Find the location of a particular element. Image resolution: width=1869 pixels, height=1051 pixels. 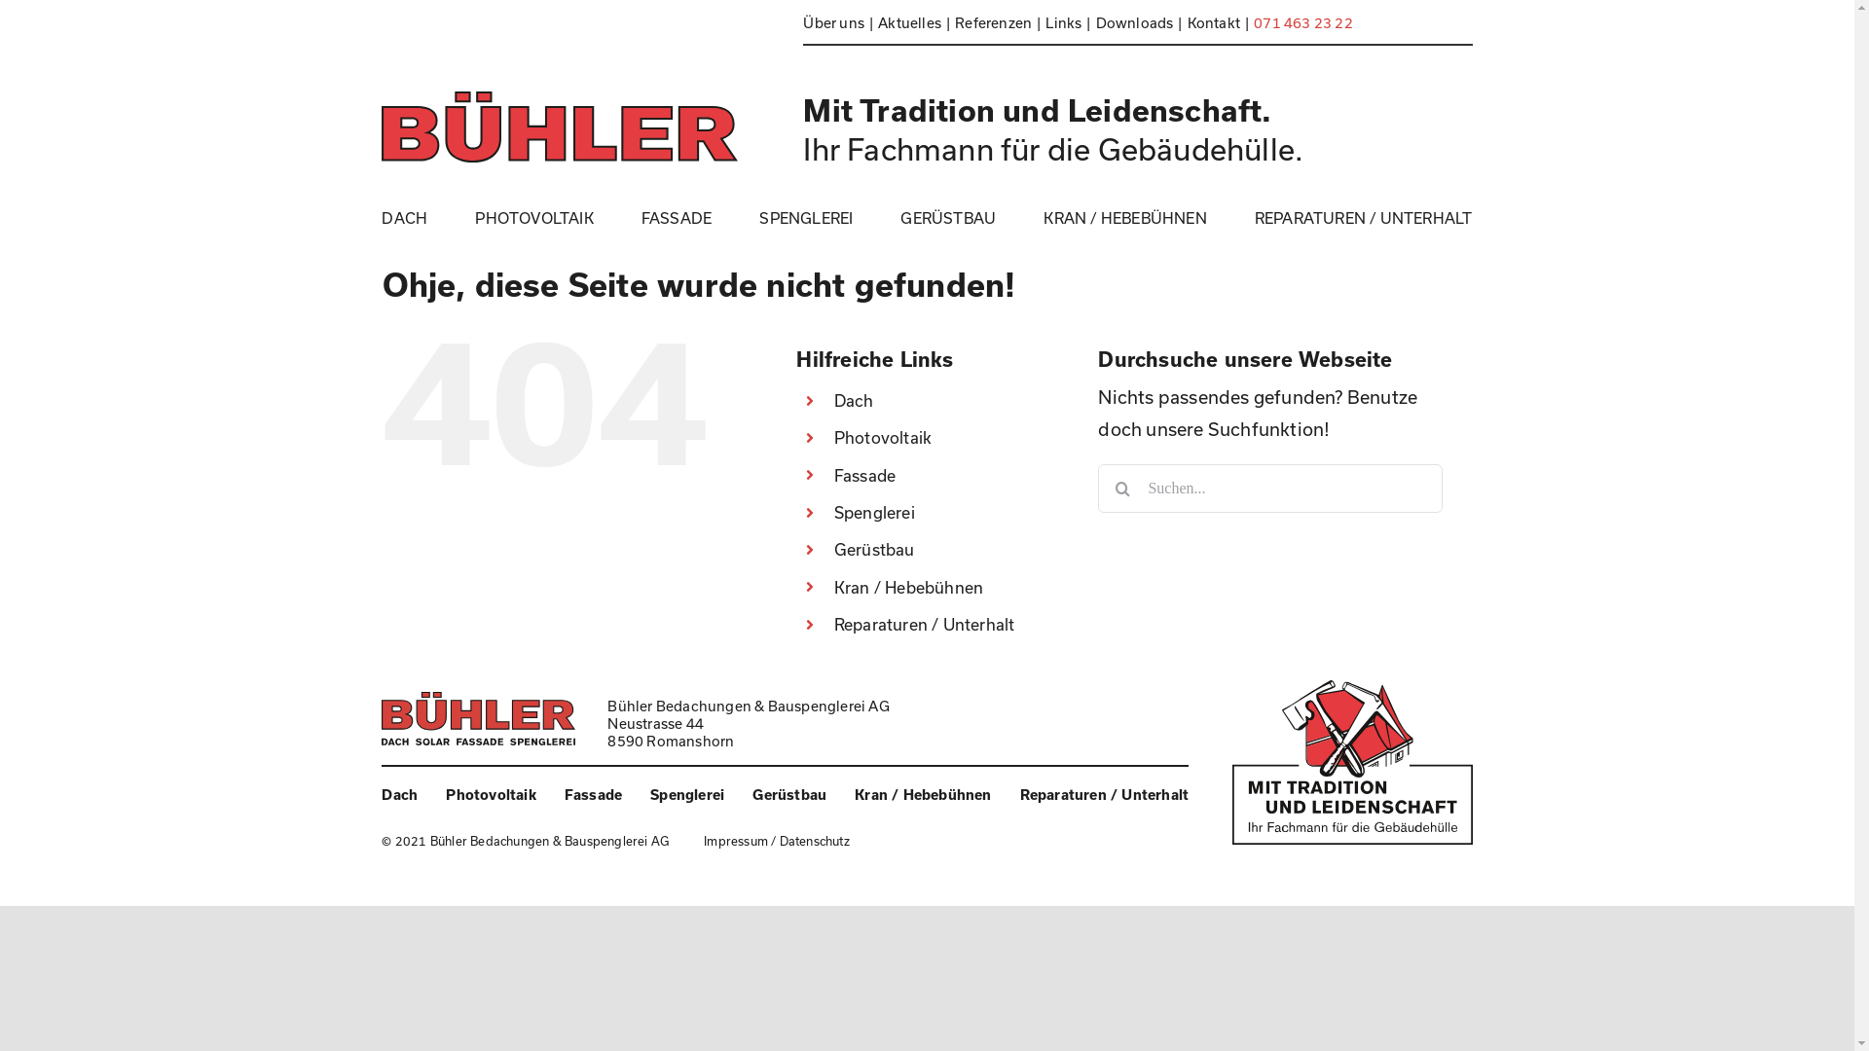

'Kontakt' is located at coordinates (1220, 21).